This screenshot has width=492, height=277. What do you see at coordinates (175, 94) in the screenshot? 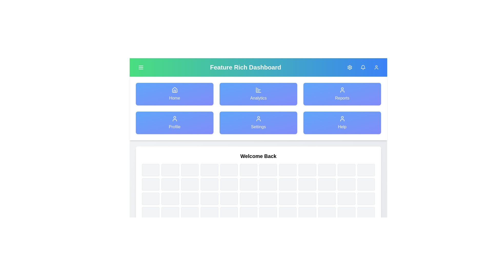
I see `the navigation item labeled Home` at bounding box center [175, 94].